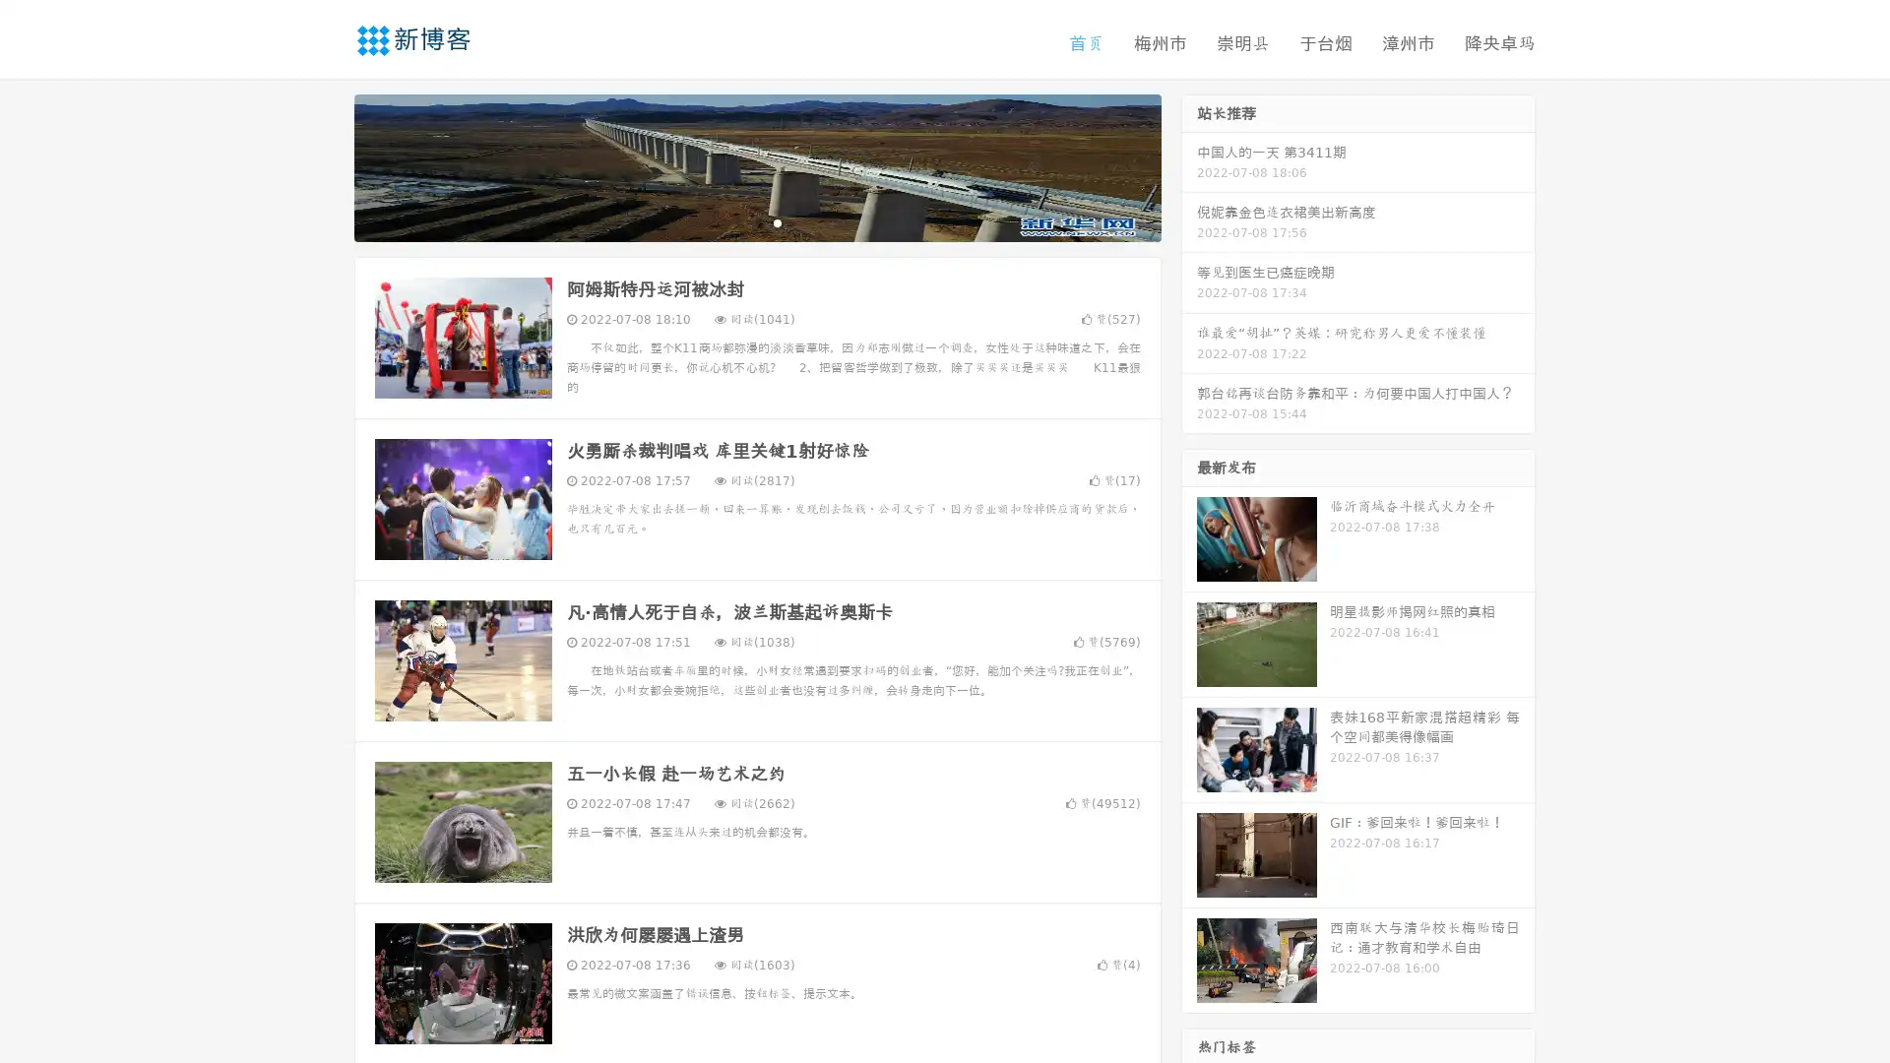 The height and width of the screenshot is (1063, 1890). I want to click on Next slide, so click(1189, 165).